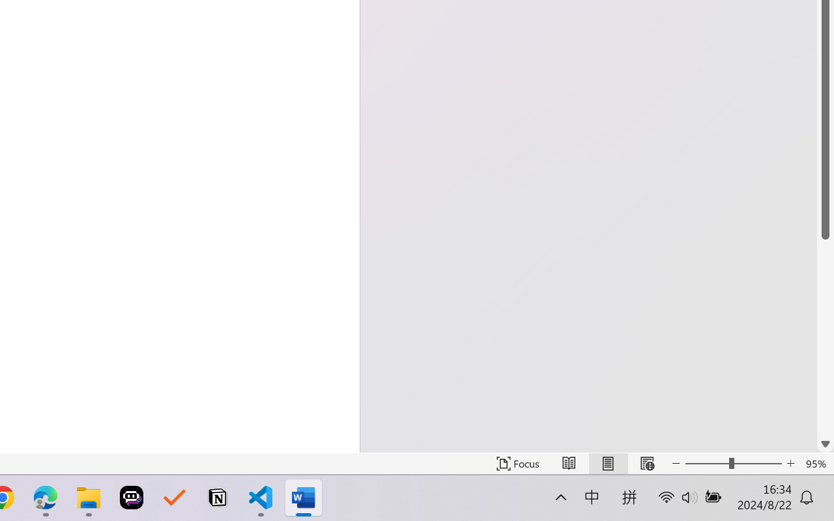 The width and height of the screenshot is (834, 521). What do you see at coordinates (825, 444) in the screenshot?
I see `'Line down'` at bounding box center [825, 444].